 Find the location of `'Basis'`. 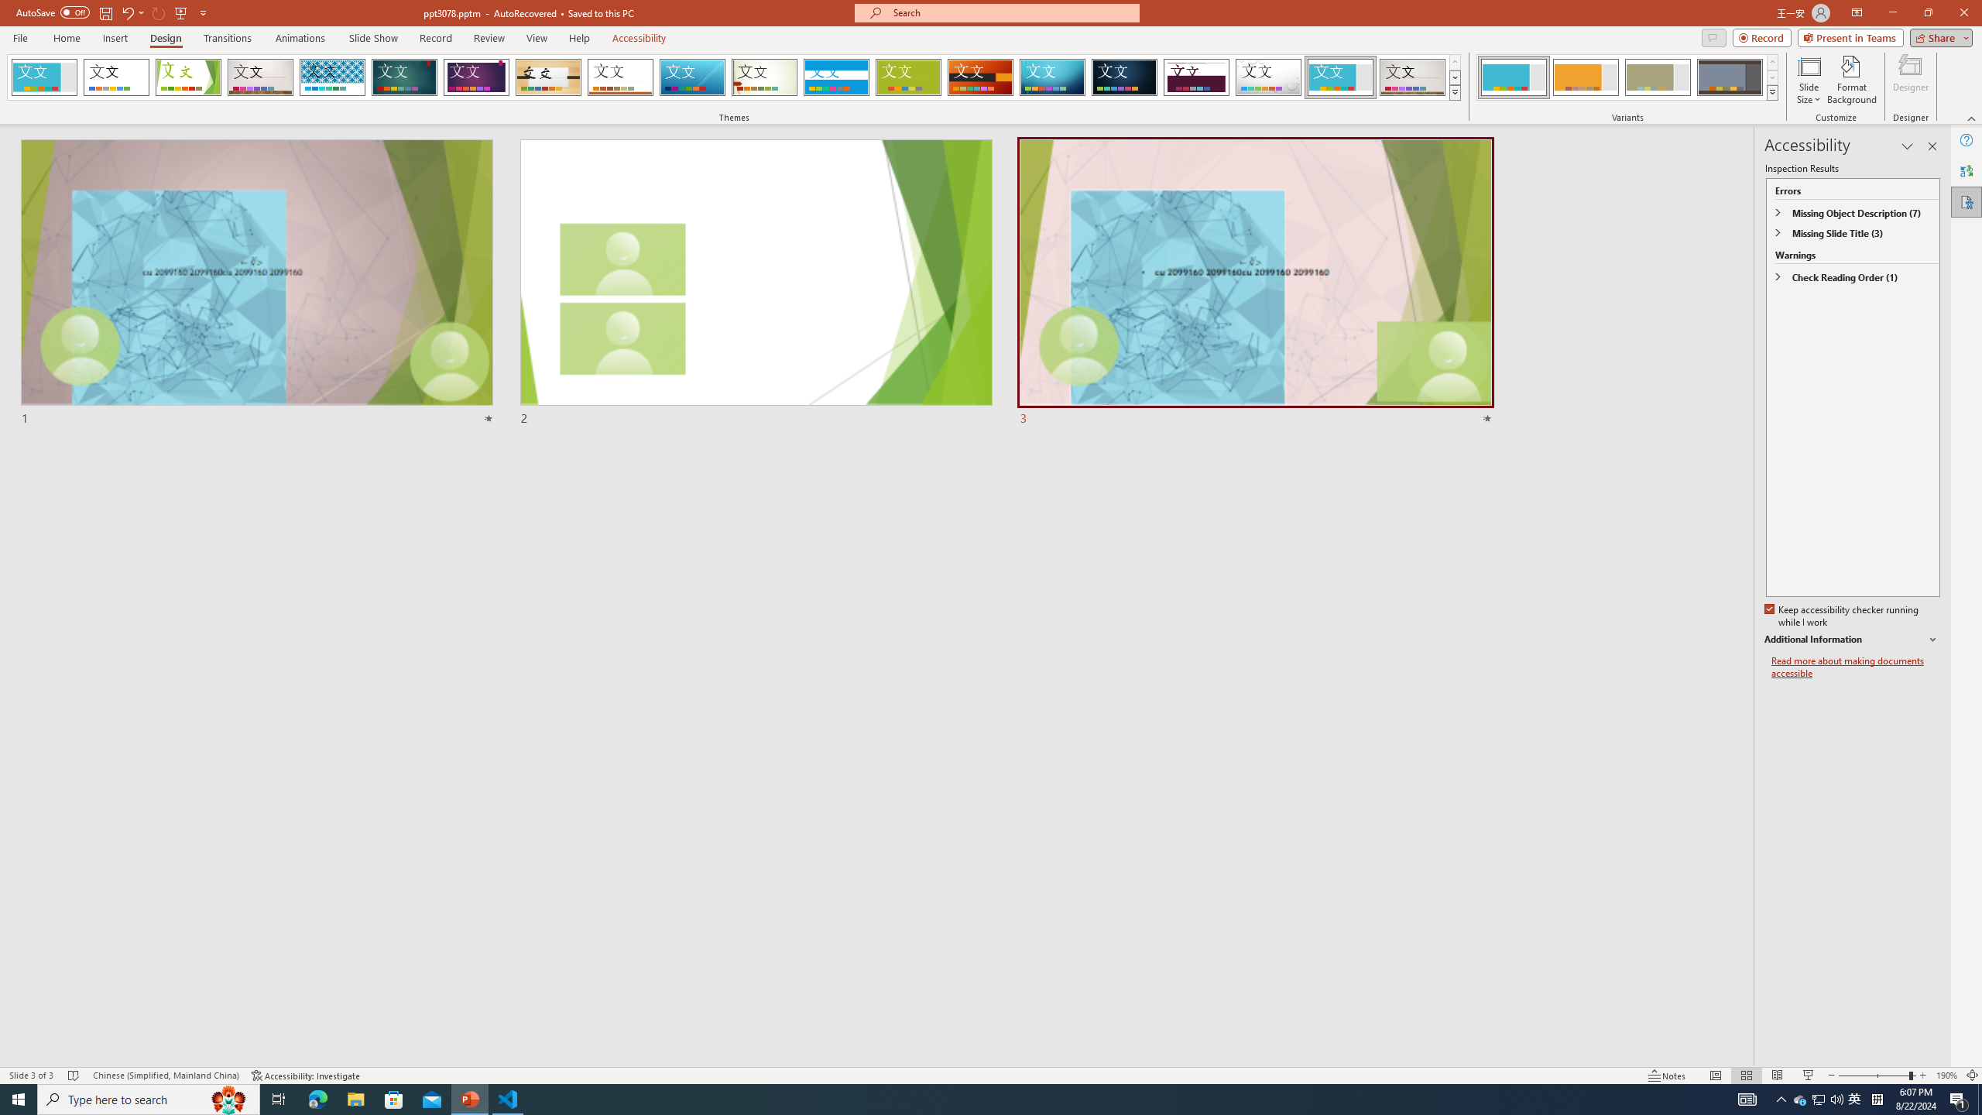

'Basis' is located at coordinates (908, 77).